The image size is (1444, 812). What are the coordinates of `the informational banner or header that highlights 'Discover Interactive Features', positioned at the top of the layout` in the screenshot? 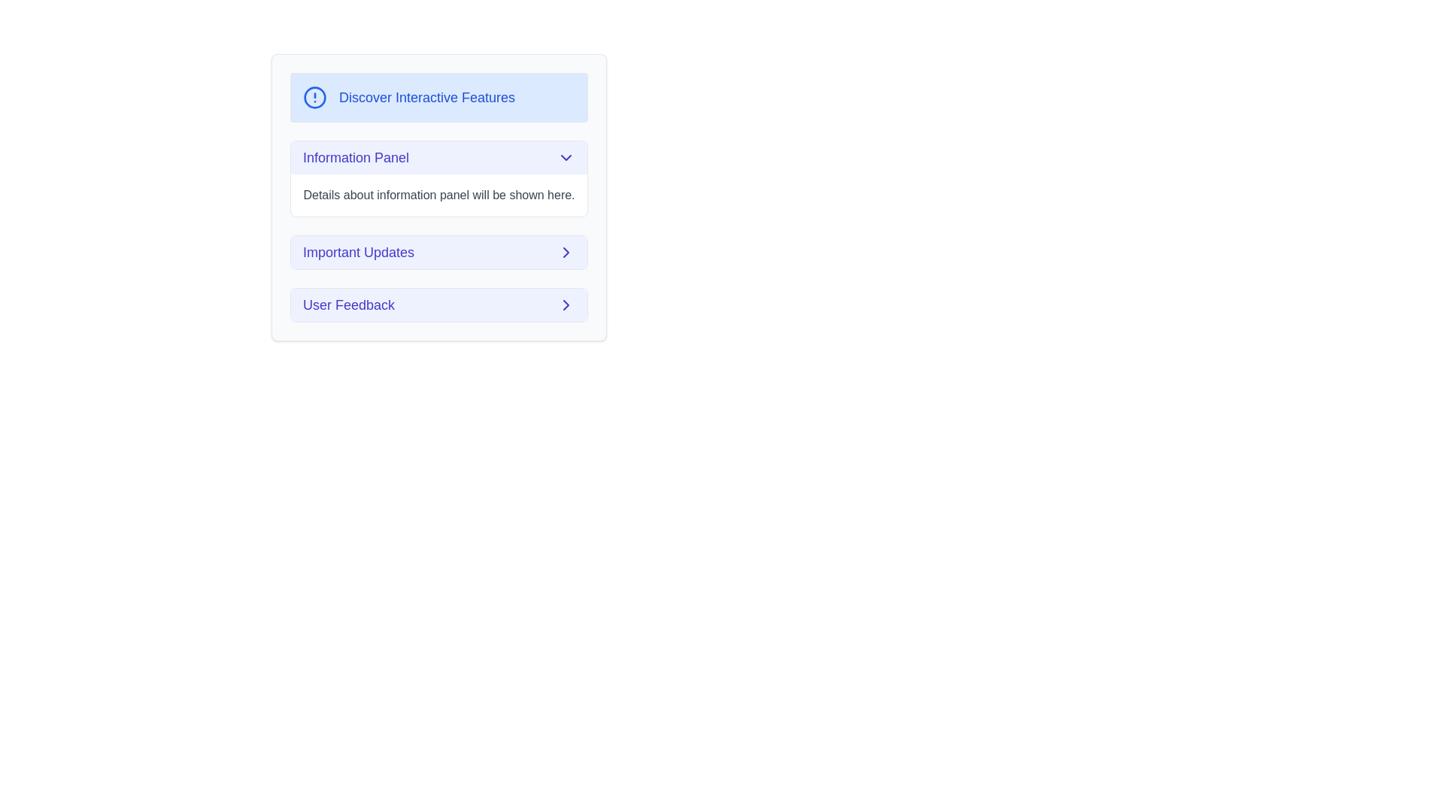 It's located at (438, 98).